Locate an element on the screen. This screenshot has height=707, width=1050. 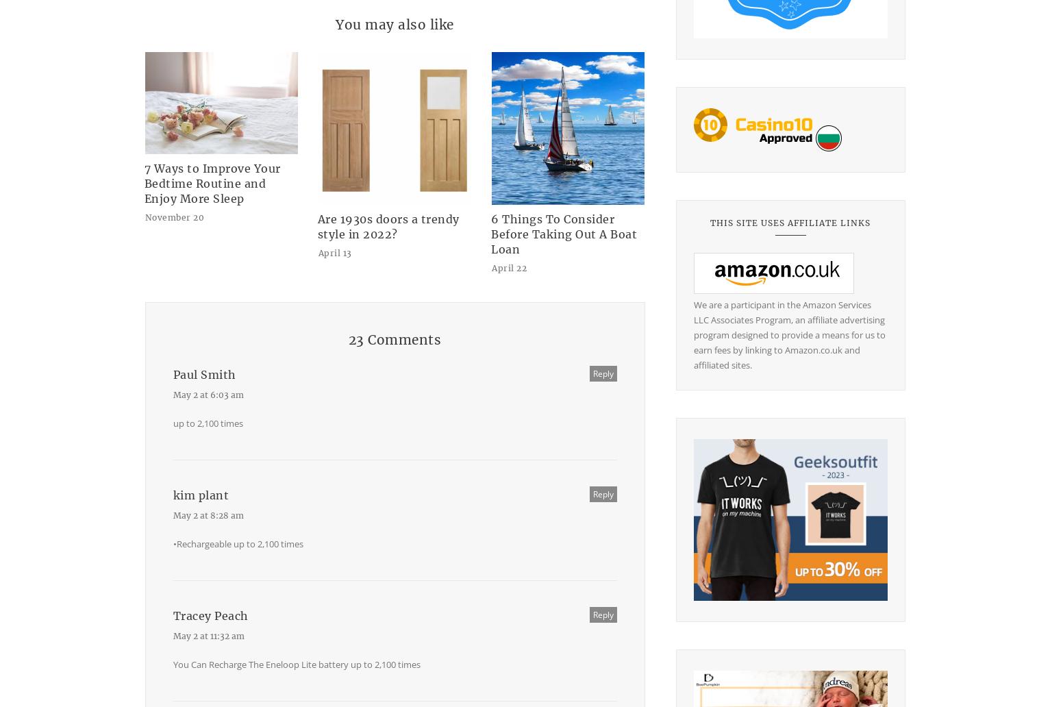
'May 2 at 11:32 am' is located at coordinates (173, 635).